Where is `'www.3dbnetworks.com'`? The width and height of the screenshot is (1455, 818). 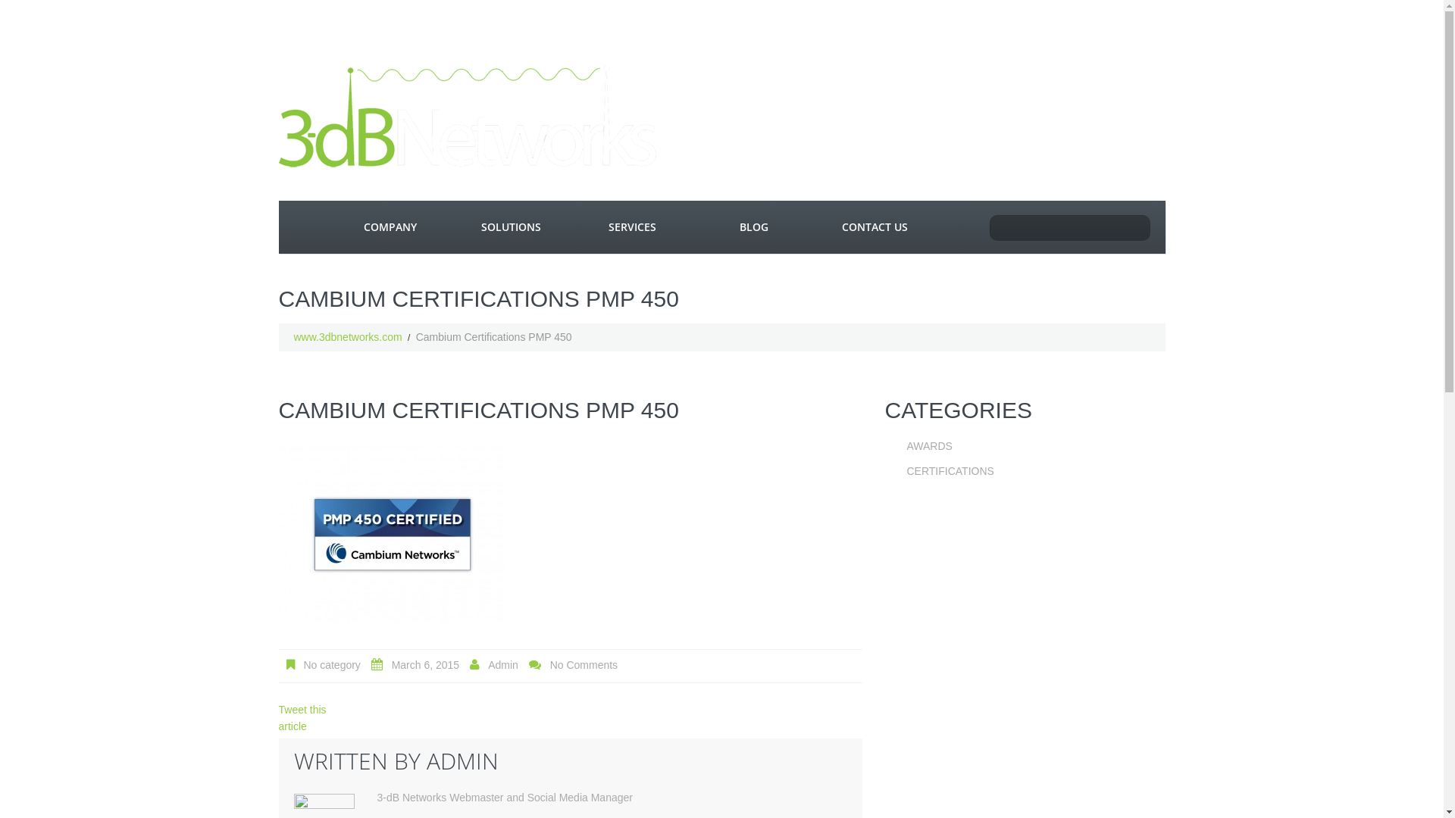 'www.3dbnetworks.com' is located at coordinates (294, 336).